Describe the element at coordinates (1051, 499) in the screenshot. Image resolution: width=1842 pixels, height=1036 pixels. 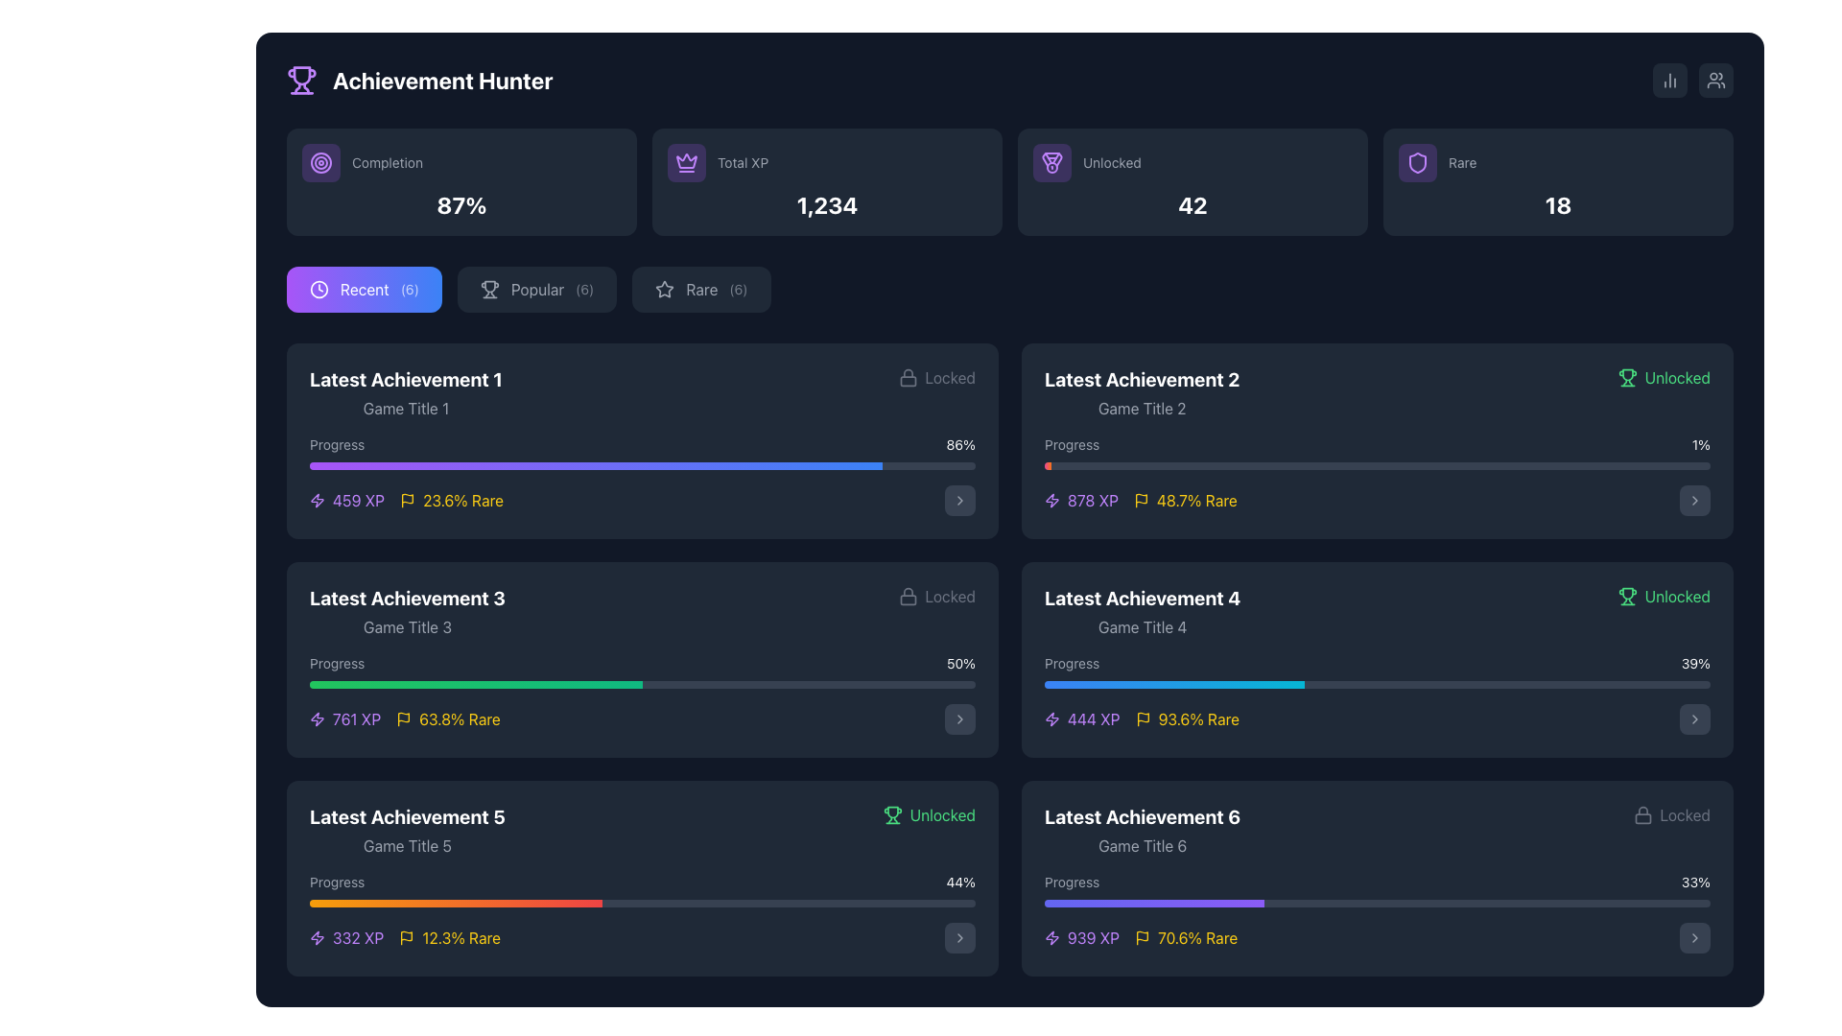
I see `the icon that indicates points or energy, positioned to the left of the '878 XP' text` at that location.